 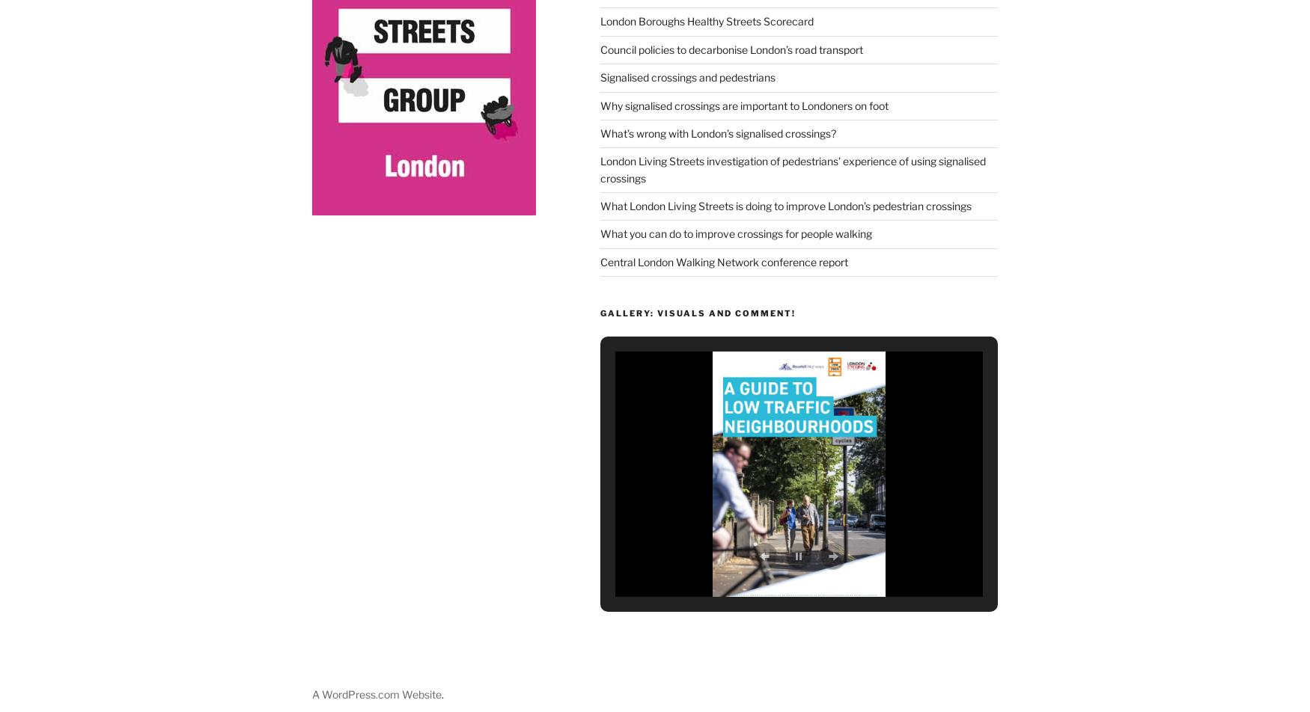 I want to click on 'London Boroughs Healthy Streets Scorecard', so click(x=706, y=17).